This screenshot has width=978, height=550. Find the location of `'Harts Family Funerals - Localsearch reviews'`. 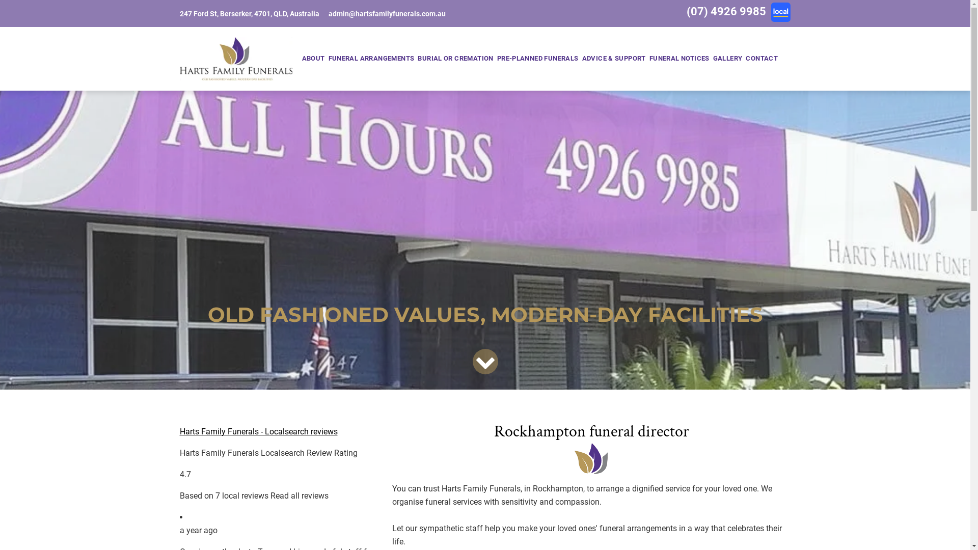

'Harts Family Funerals - Localsearch reviews' is located at coordinates (258, 431).